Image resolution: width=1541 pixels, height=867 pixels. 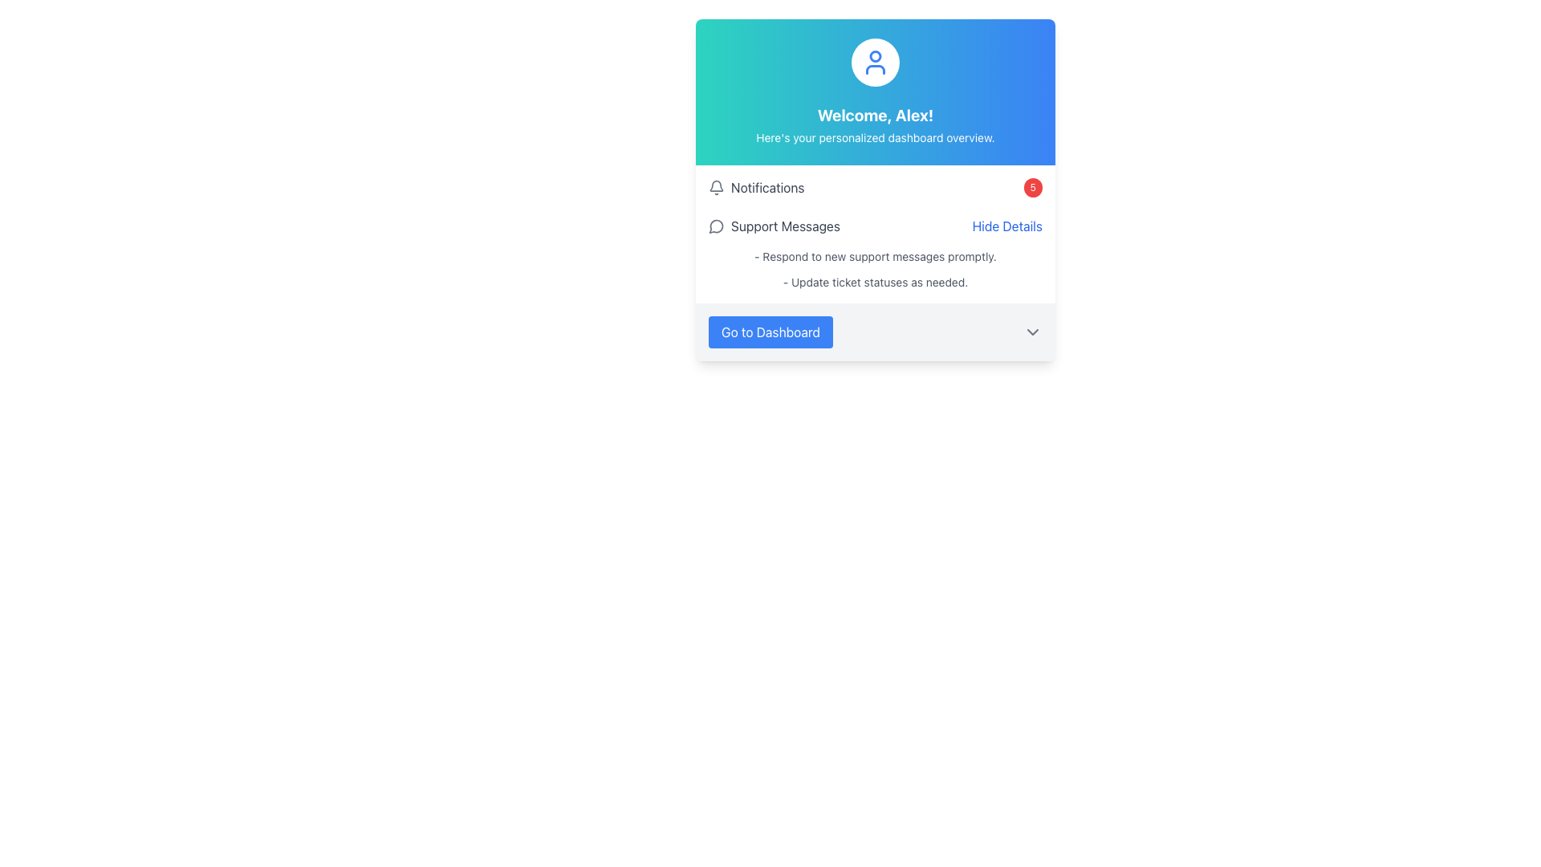 What do you see at coordinates (715, 187) in the screenshot?
I see `the bell icon located to the left of the 'Notifications' label in the dashboard interface to indicate the presence of notifications` at bounding box center [715, 187].